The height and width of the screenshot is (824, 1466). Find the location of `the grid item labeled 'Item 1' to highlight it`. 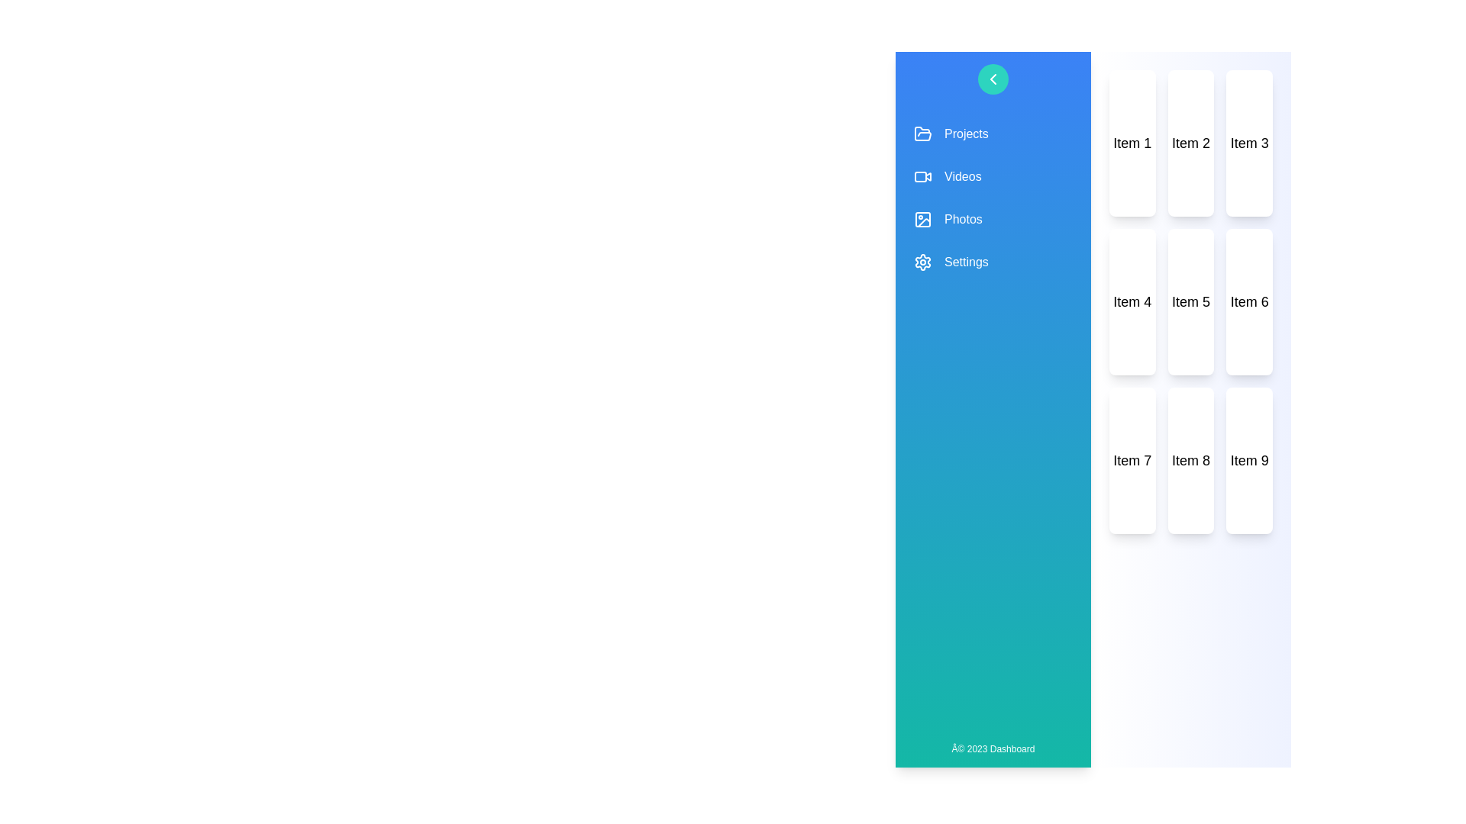

the grid item labeled 'Item 1' to highlight it is located at coordinates (1132, 143).